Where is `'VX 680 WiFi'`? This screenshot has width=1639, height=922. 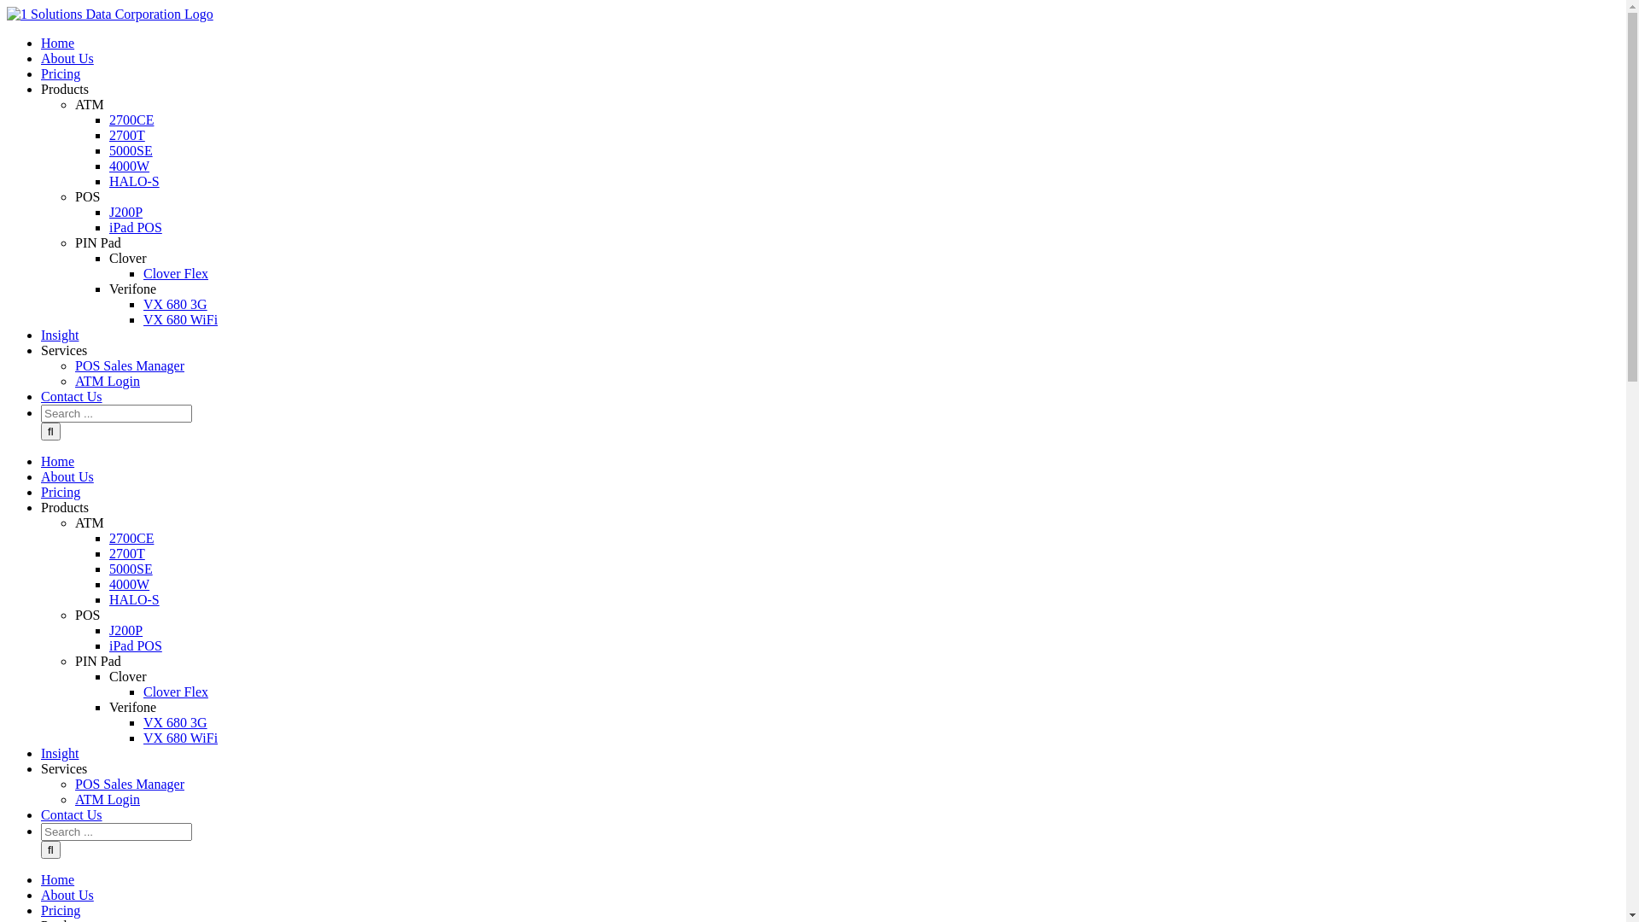
'VX 680 WiFi' is located at coordinates (143, 319).